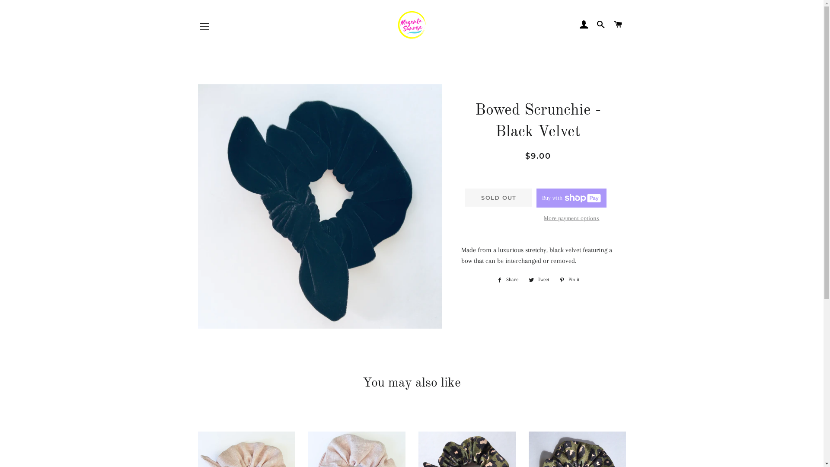  Describe the element at coordinates (569, 280) in the screenshot. I see `'Pin it` at that location.